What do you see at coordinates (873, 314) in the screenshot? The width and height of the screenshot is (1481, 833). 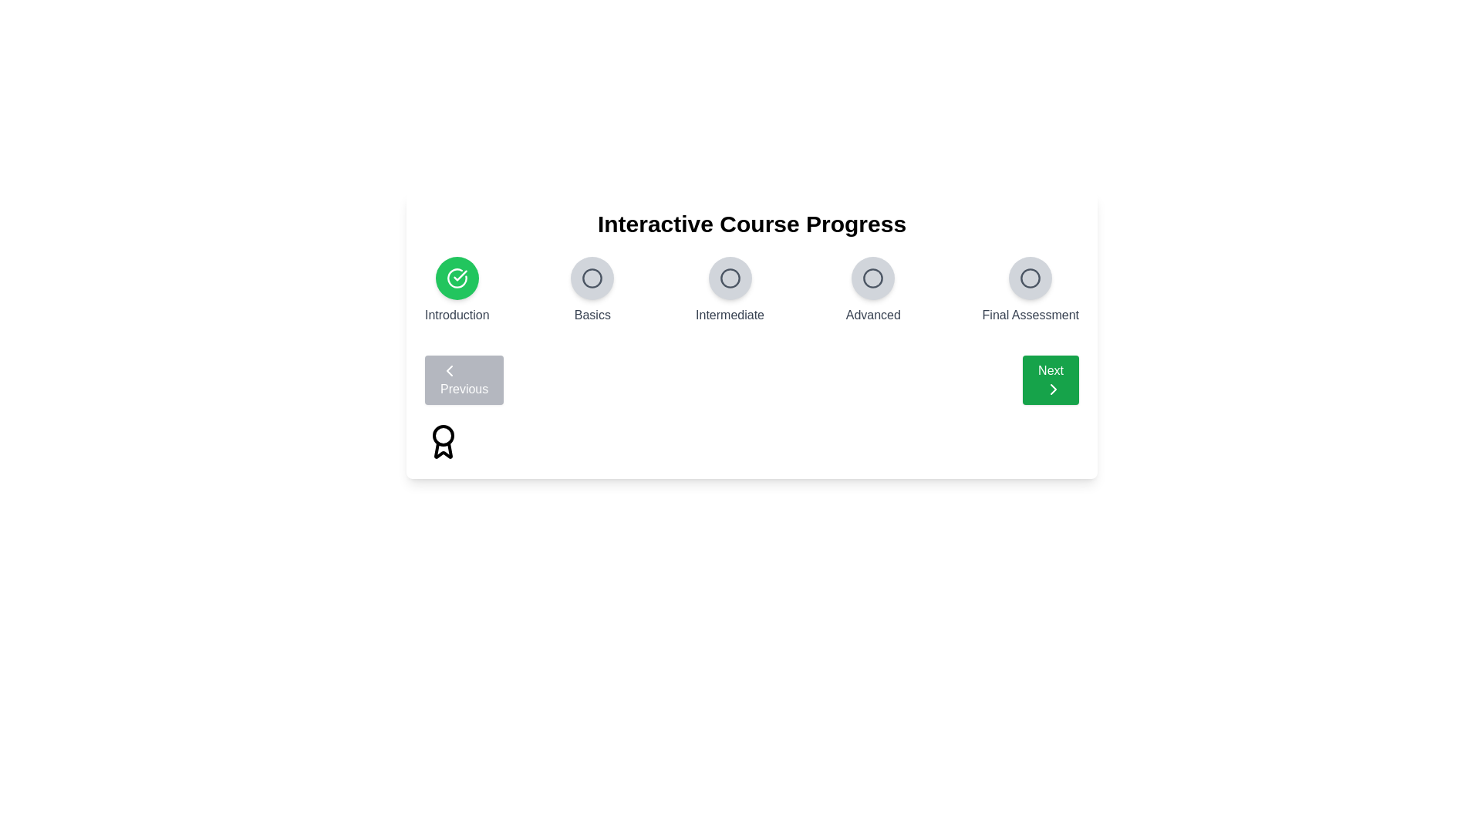 I see `text label indicating the 'Advanced' stage in the sequence of navigation elements` at bounding box center [873, 314].